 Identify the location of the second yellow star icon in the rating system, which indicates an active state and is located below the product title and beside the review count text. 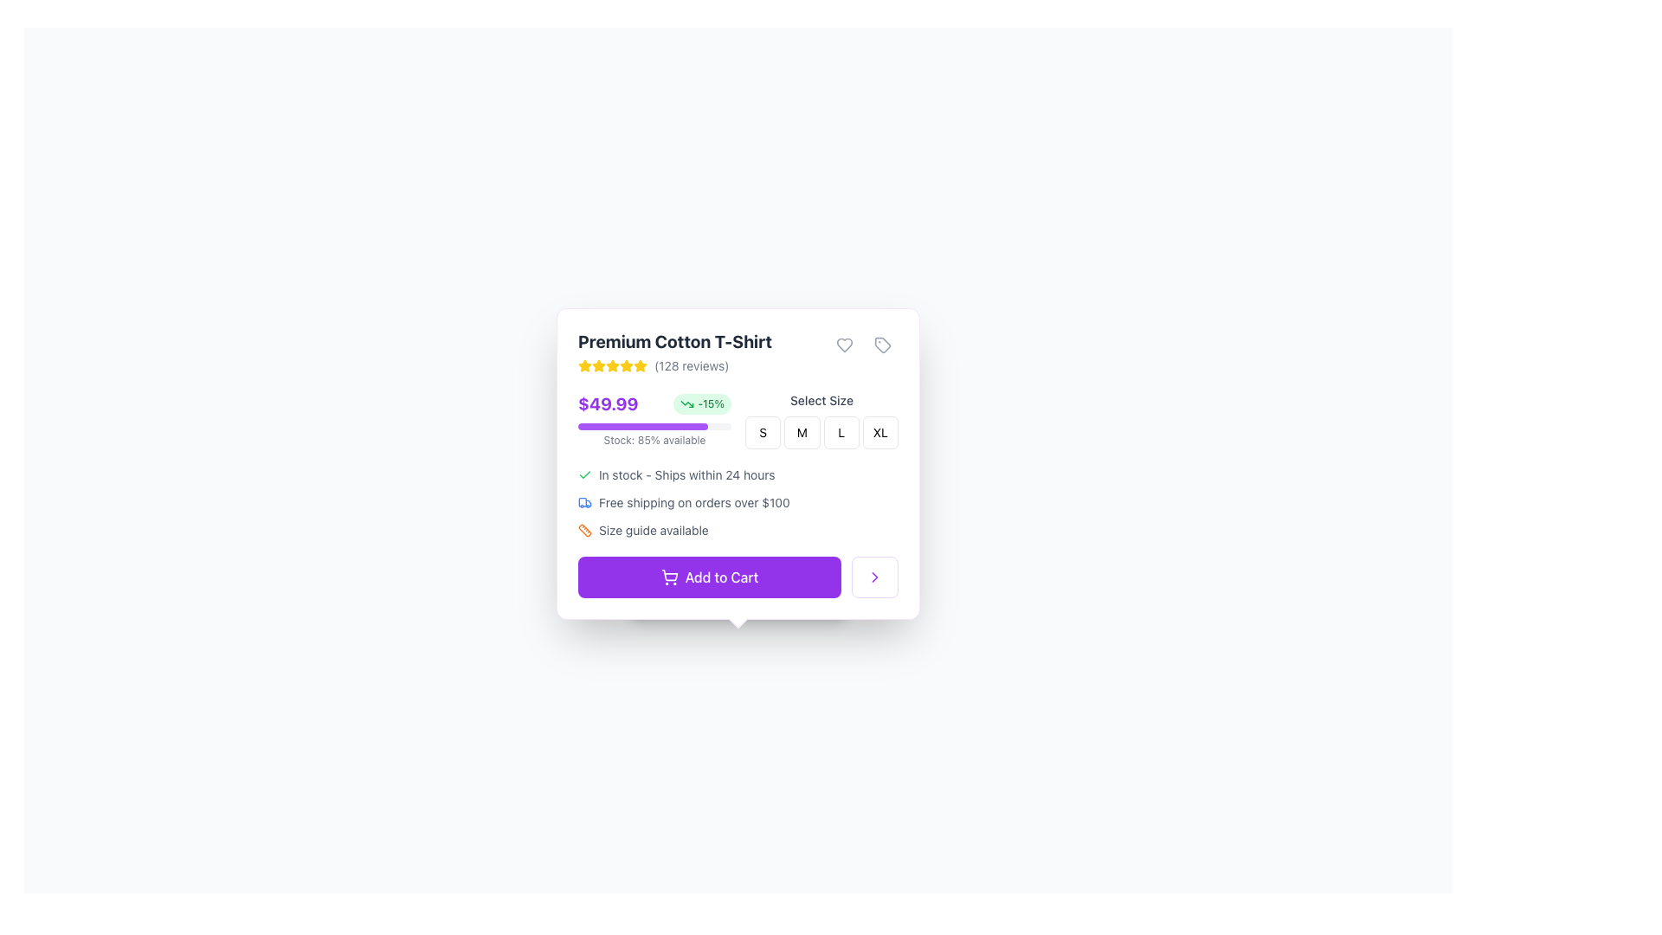
(585, 365).